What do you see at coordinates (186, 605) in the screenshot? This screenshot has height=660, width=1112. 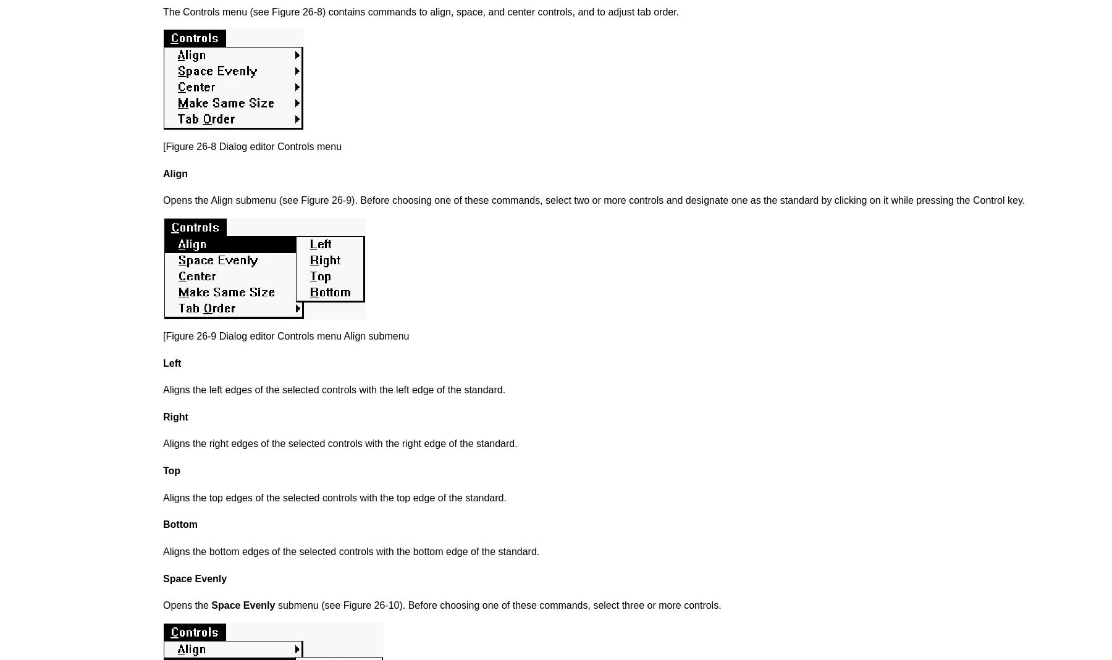 I see `'Opens the'` at bounding box center [186, 605].